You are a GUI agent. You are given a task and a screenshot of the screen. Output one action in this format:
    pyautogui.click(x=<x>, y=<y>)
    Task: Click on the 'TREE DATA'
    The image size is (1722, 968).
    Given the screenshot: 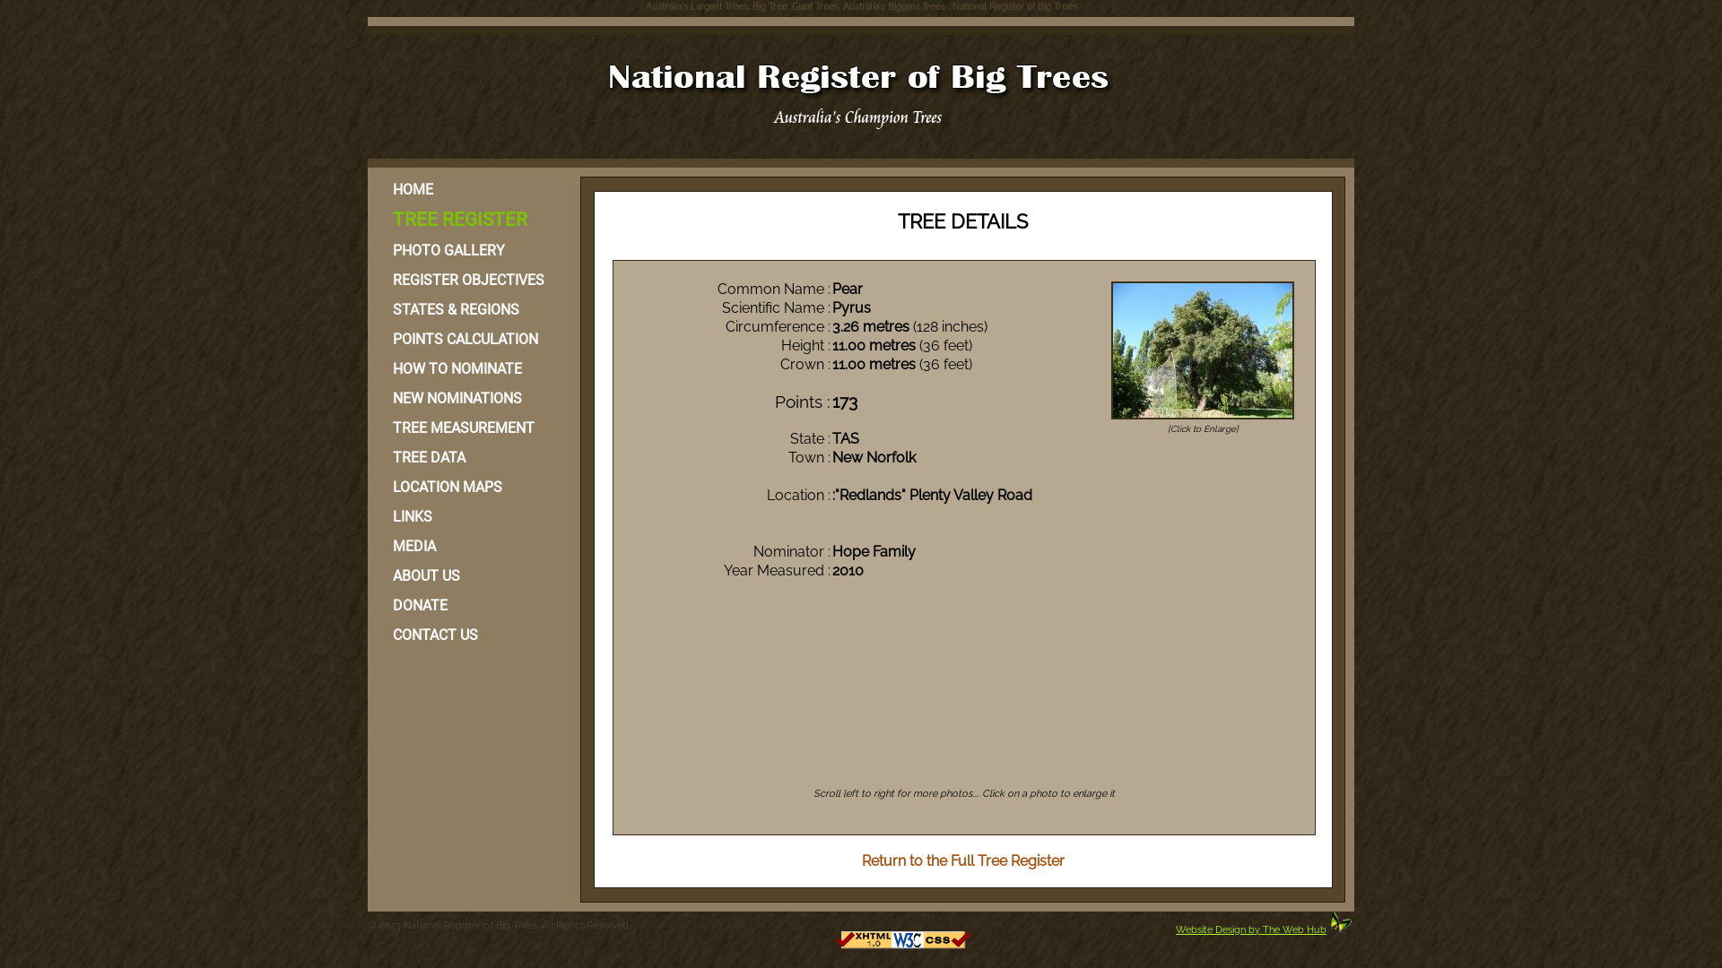 What is the action you would take?
    pyautogui.click(x=376, y=456)
    